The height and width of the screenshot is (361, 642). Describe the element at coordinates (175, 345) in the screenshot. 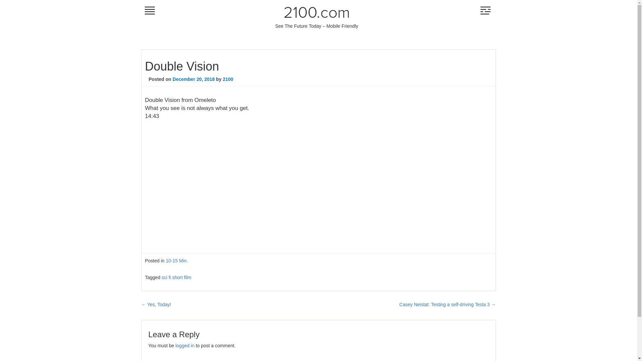

I see `'logged in'` at that location.